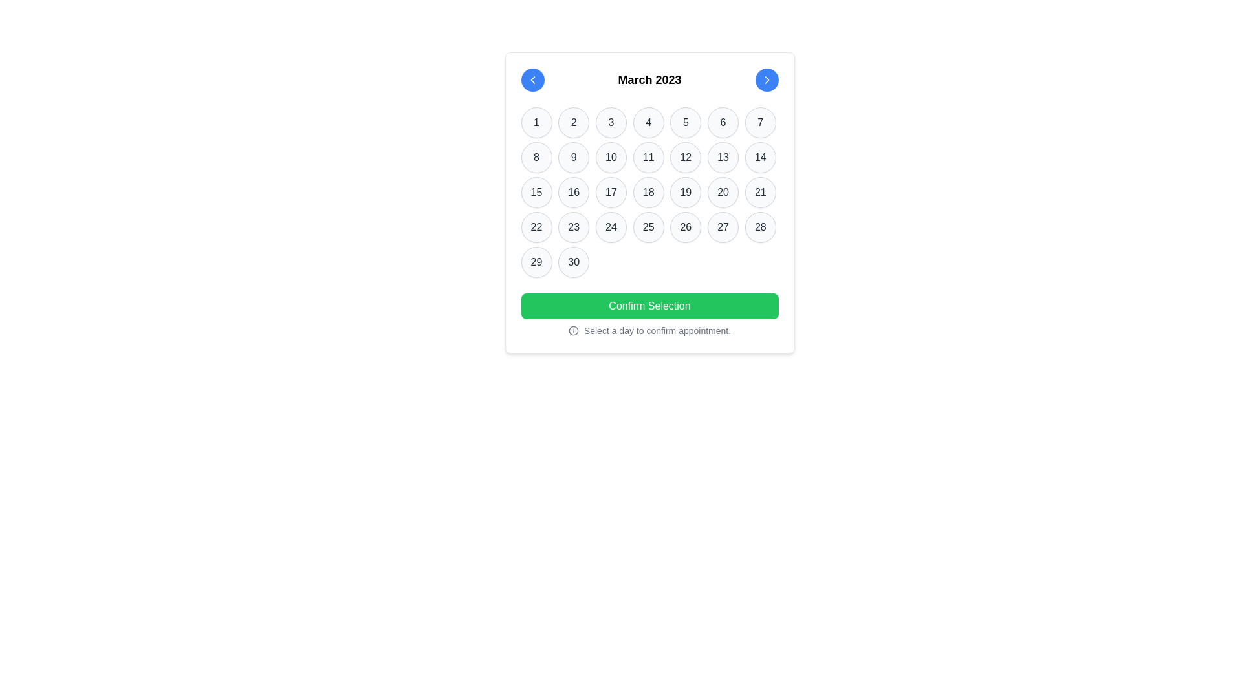  Describe the element at coordinates (536, 156) in the screenshot. I see `the selectable day button in the calendar interface located in the second column of the second row` at that location.